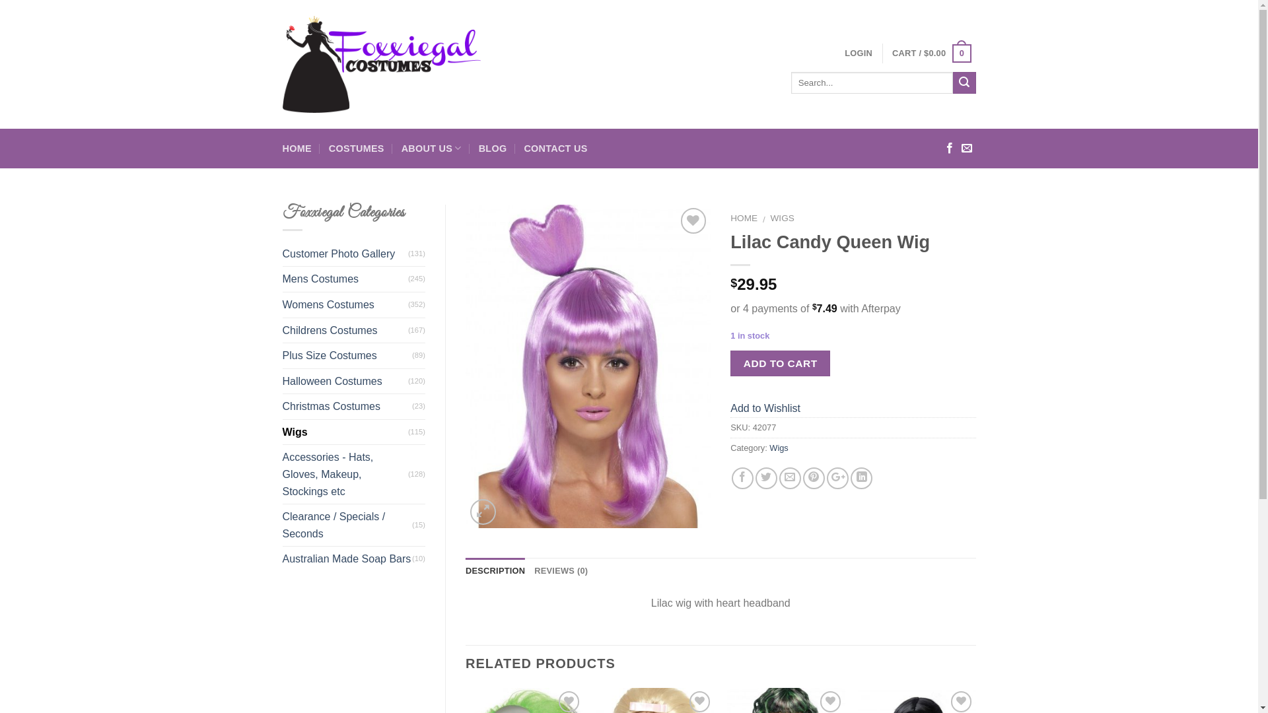 This screenshot has height=713, width=1268. I want to click on 'DESCRIPTION', so click(466, 570).